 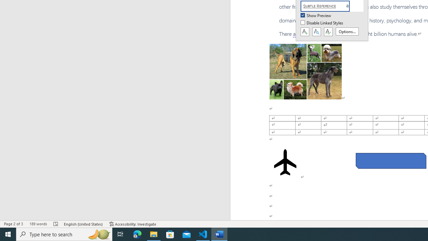 I want to click on 'Page Number Page 2 of 3', so click(x=13, y=224).